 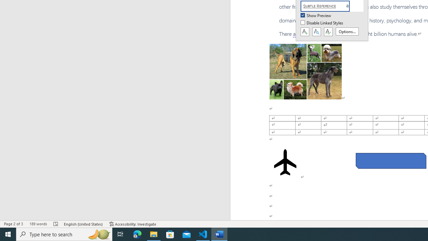 I want to click on 'Page Number Page 2 of 3', so click(x=13, y=224).